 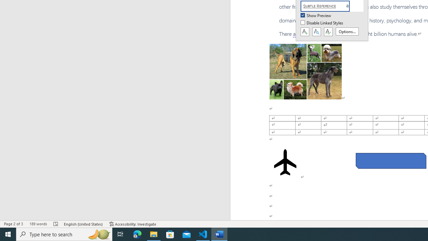 I want to click on 'Page Number Page 2 of 3', so click(x=13, y=224).